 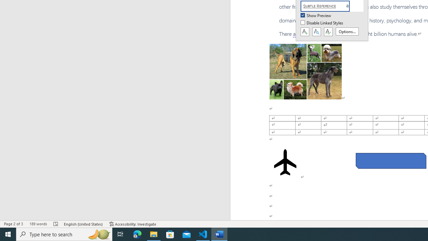 I want to click on 'Page Number Page 2 of 3', so click(x=13, y=224).